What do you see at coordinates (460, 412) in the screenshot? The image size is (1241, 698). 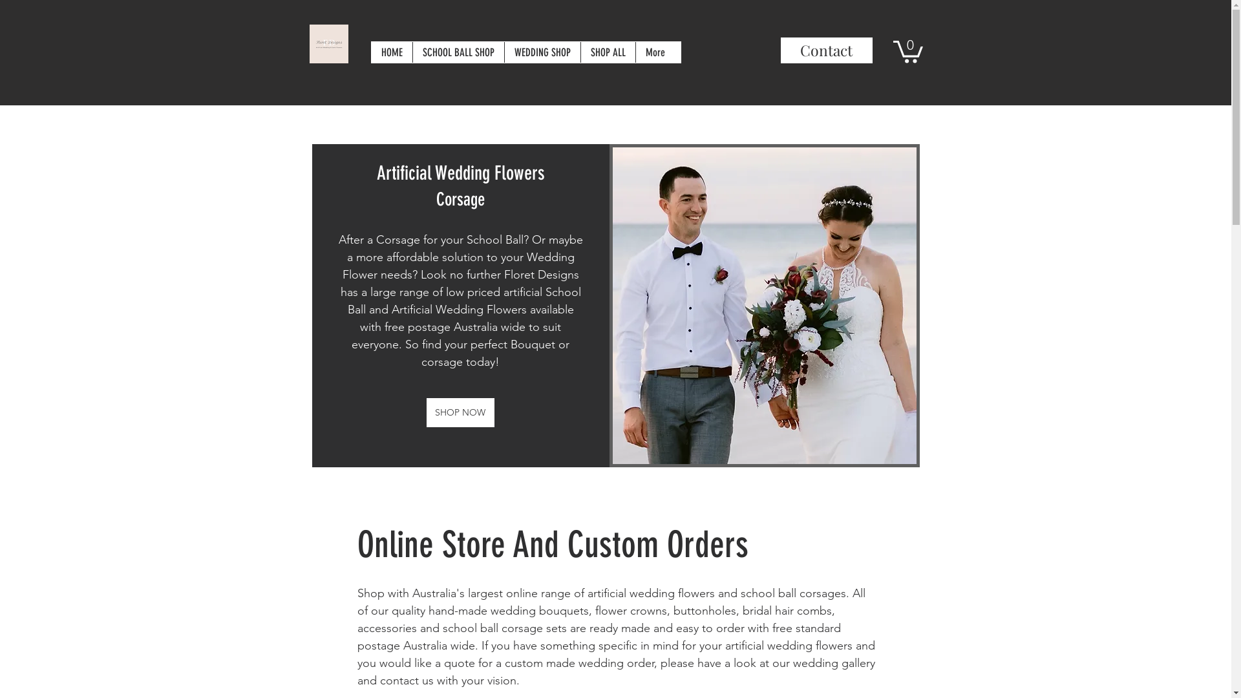 I see `'SHOP NOW'` at bounding box center [460, 412].